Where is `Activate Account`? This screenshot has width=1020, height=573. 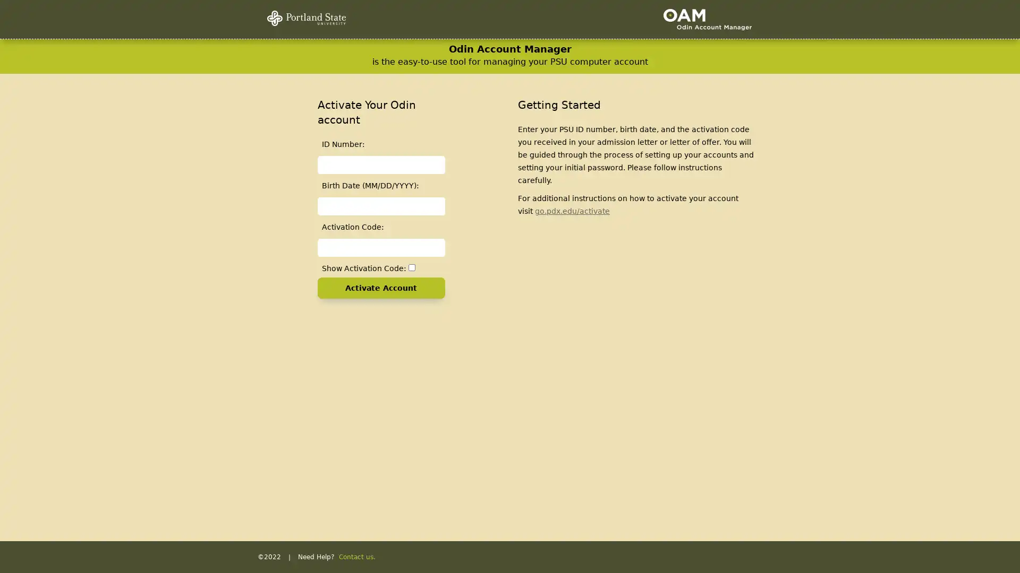
Activate Account is located at coordinates (380, 288).